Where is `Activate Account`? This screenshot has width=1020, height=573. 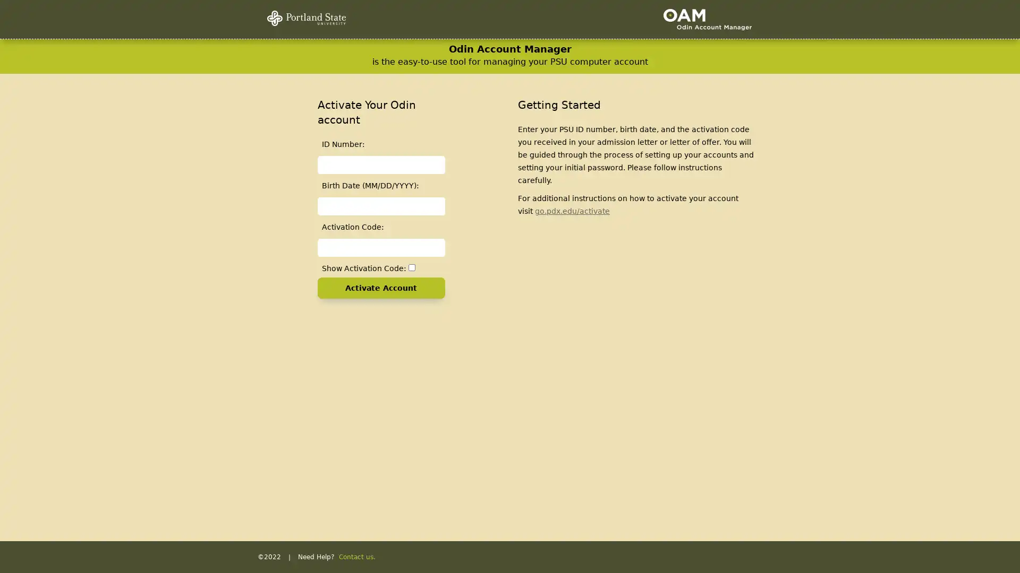
Activate Account is located at coordinates (380, 288).